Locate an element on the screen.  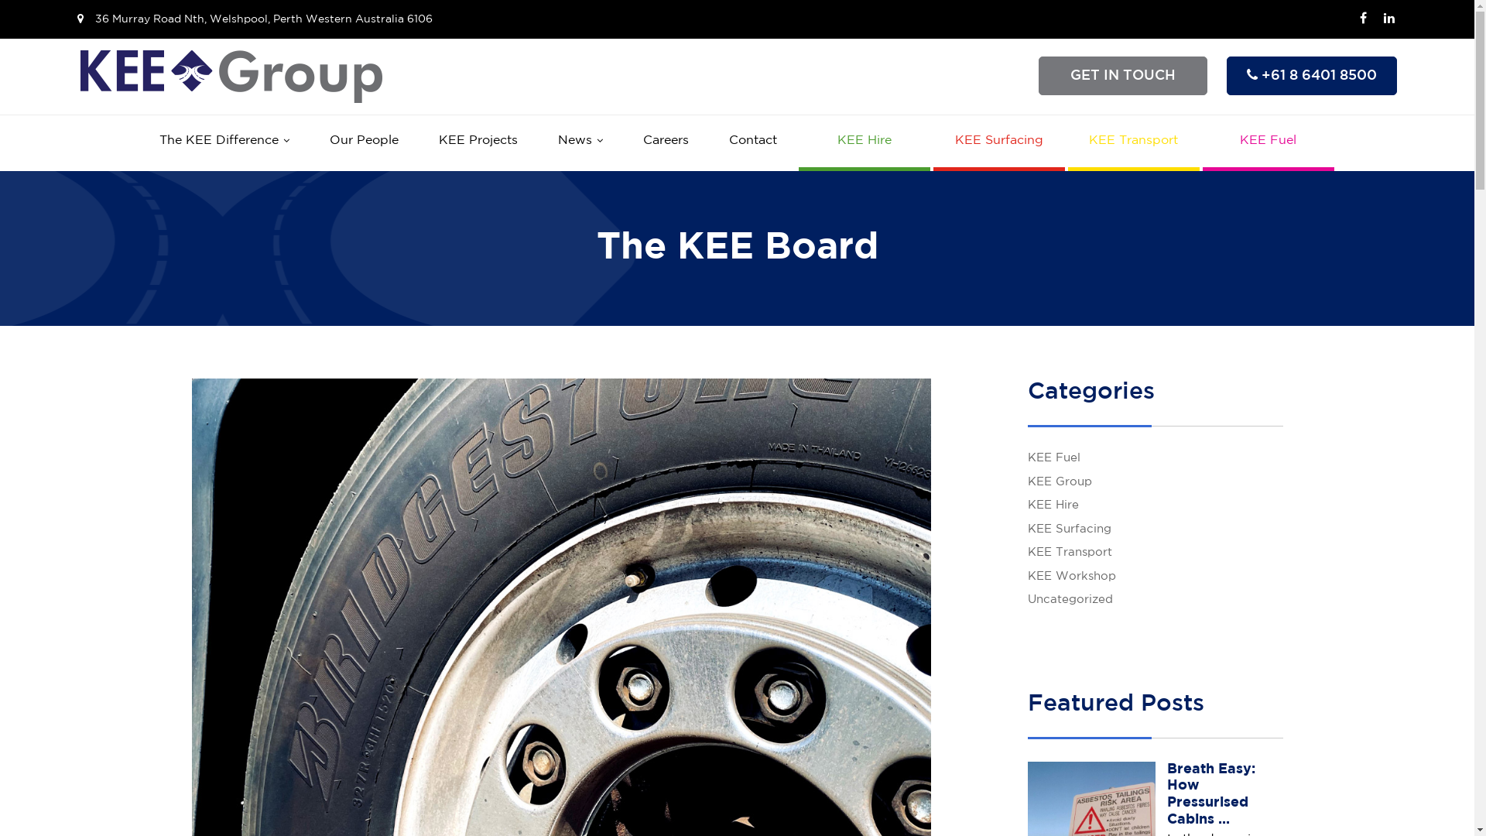
'KEE Projects' is located at coordinates (477, 140).